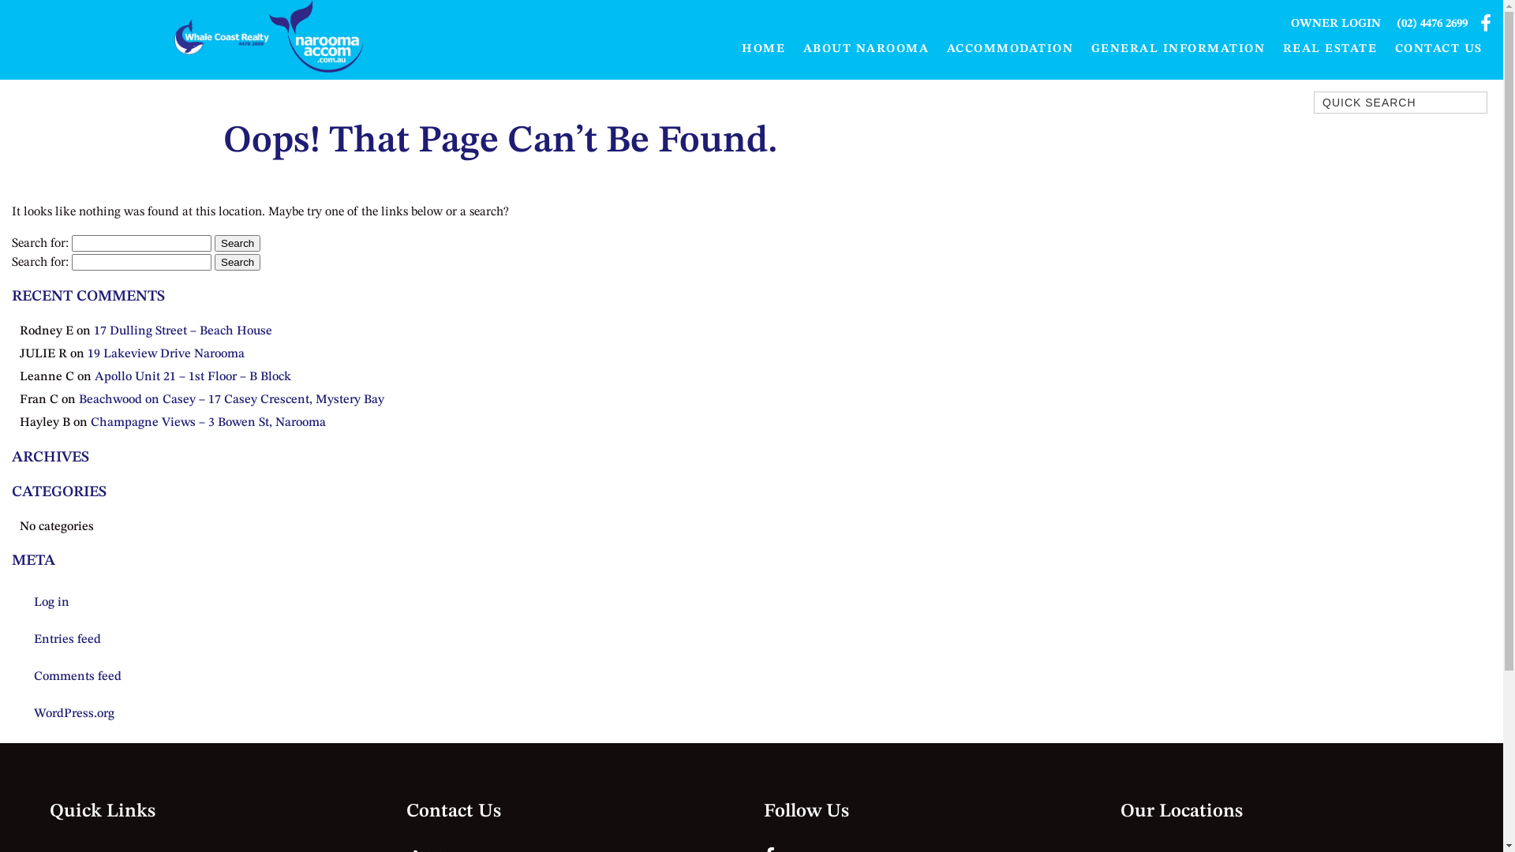 Image resolution: width=1515 pixels, height=852 pixels. Describe the element at coordinates (19, 602) in the screenshot. I see `'Log in'` at that location.